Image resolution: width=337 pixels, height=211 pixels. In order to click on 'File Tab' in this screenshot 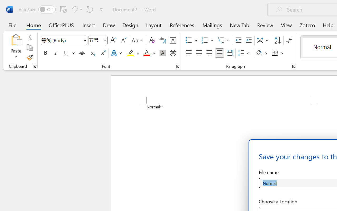, I will do `click(12, 25)`.